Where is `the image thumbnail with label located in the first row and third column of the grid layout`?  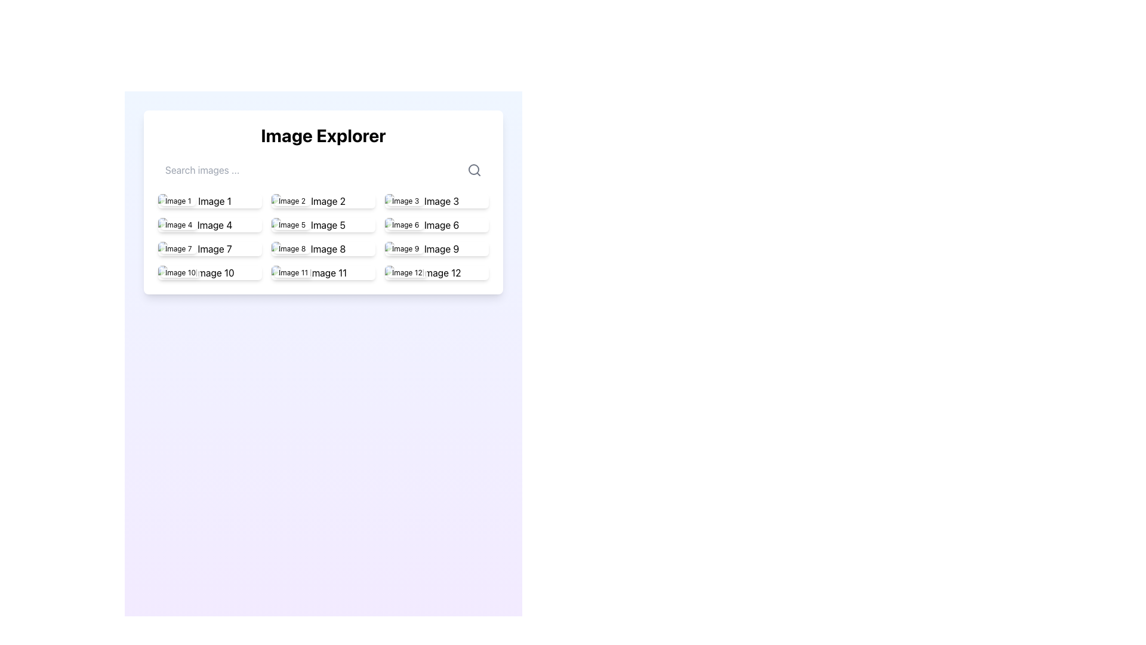
the image thumbnail with label located in the first row and third column of the grid layout is located at coordinates (436, 200).